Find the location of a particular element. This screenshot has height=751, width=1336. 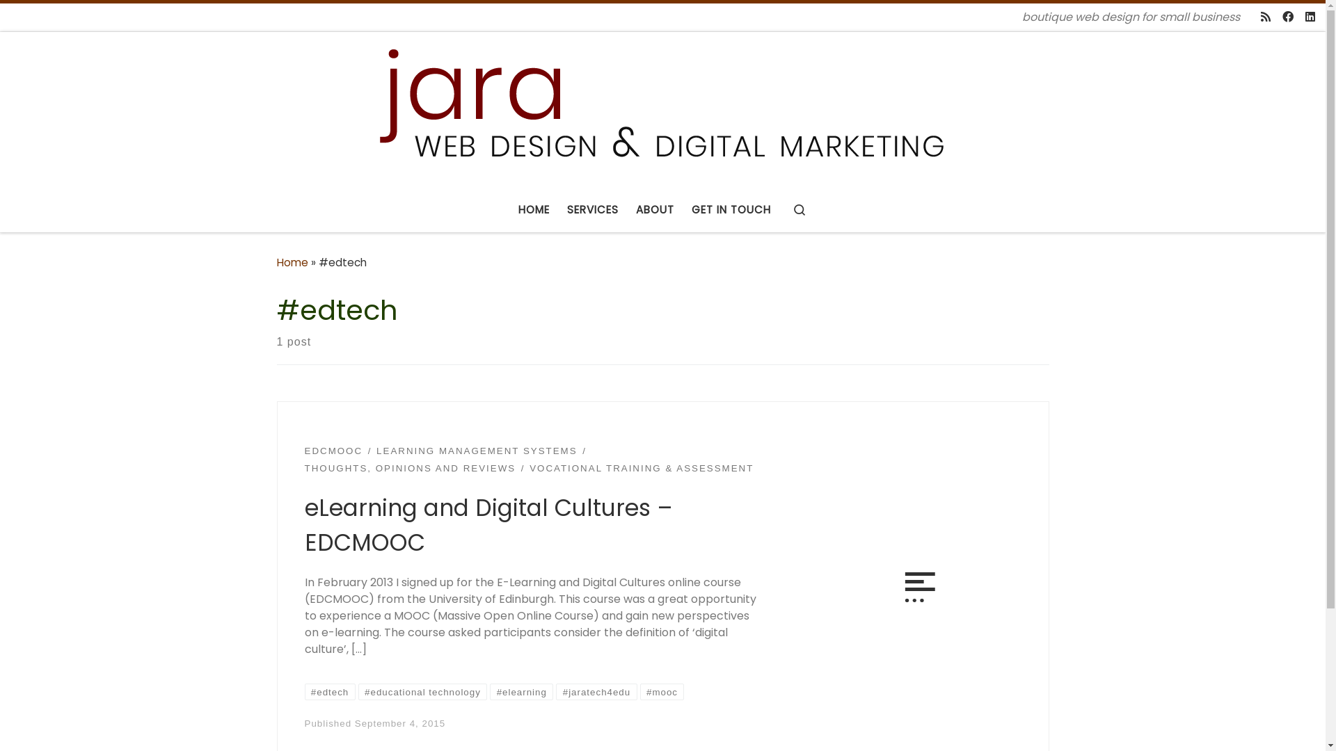

'Follow me on LinkedIn' is located at coordinates (1309, 17).